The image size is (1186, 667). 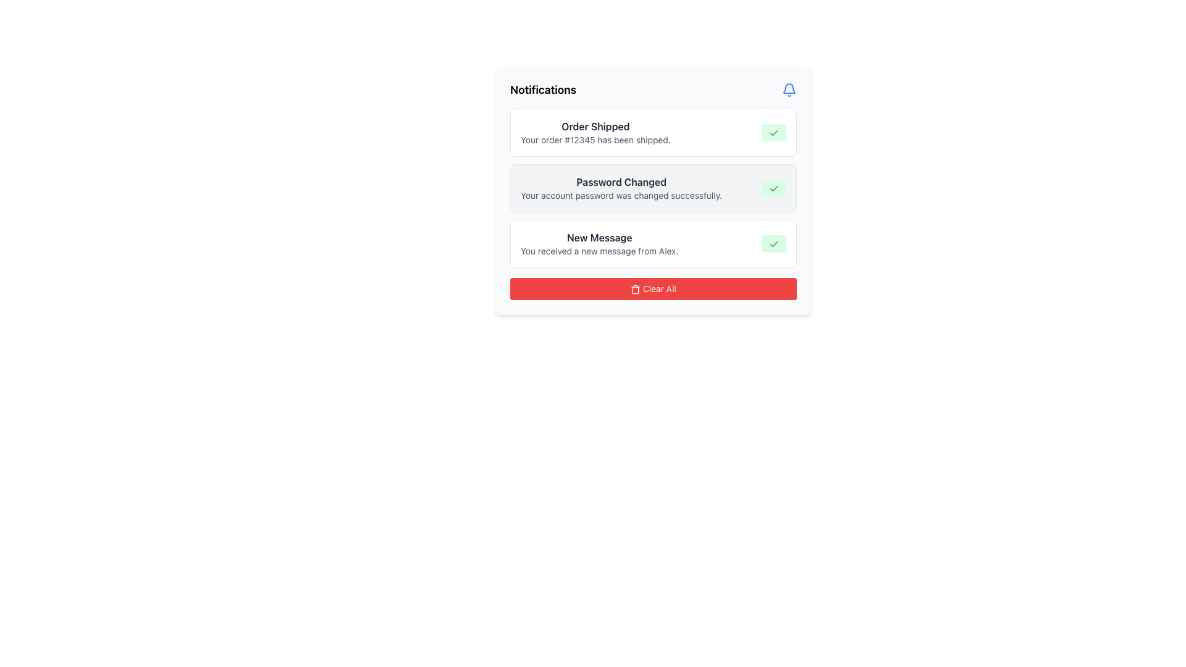 What do you see at coordinates (543, 90) in the screenshot?
I see `'Notifications' text label, which serves as a header for the notifications section, located at the specified coordinates` at bounding box center [543, 90].